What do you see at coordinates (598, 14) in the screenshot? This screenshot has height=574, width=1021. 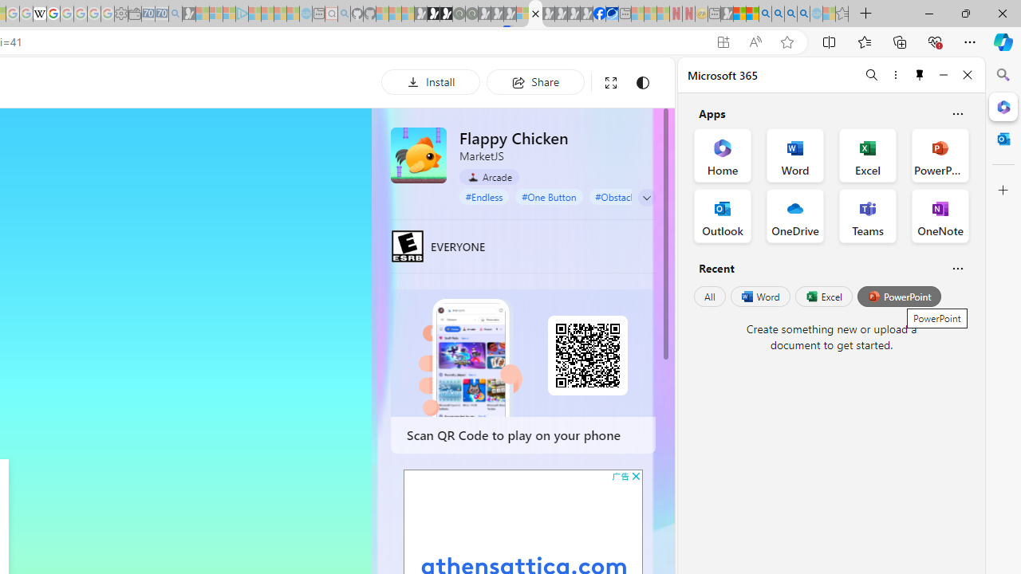 I see `'Nordace | Facebook'` at bounding box center [598, 14].